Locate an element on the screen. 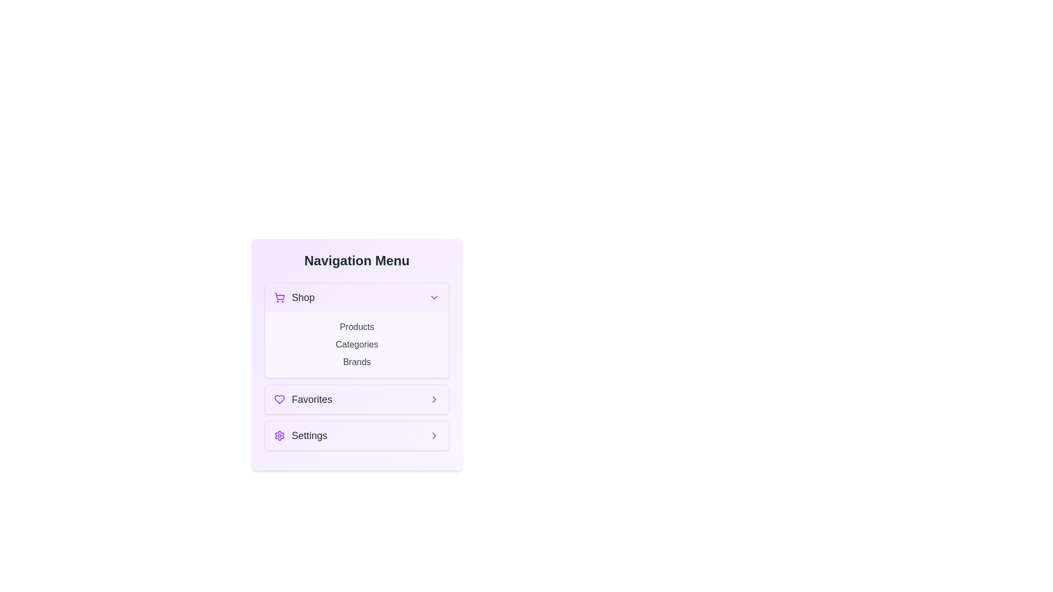 The image size is (1053, 592). the chevron icon next to the 'Shop' button in the navigation menu, which indicates that the 'Shop' option is expandable or collapsible is located at coordinates (434, 298).